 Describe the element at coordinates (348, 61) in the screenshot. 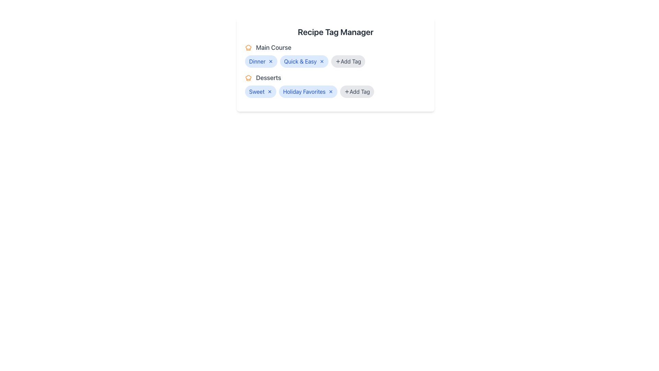

I see `the button` at that location.